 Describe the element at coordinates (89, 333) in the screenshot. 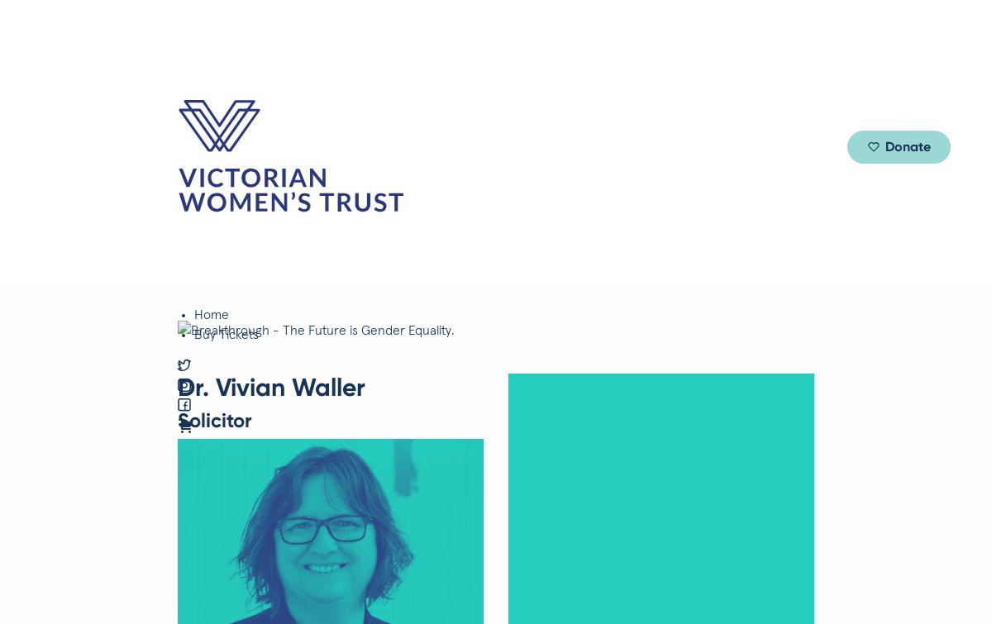

I see `'Author, Journalist + Activist'` at that location.